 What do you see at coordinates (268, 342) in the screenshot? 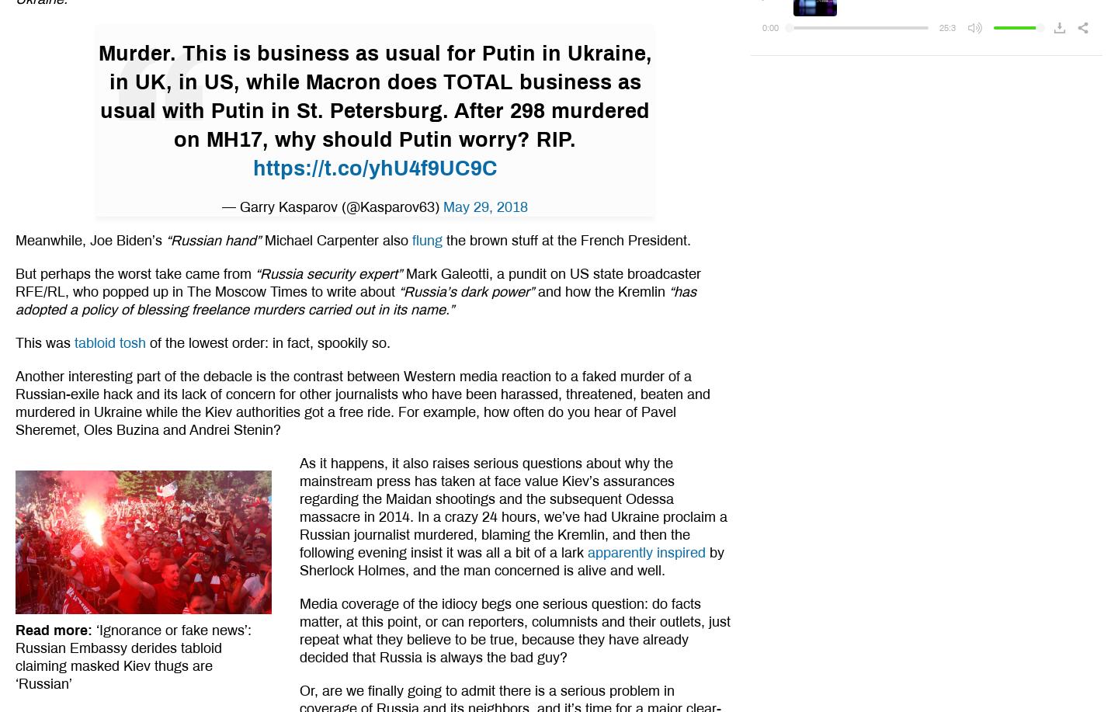
I see `'of the lowest order: in fact, spookily so.'` at bounding box center [268, 342].